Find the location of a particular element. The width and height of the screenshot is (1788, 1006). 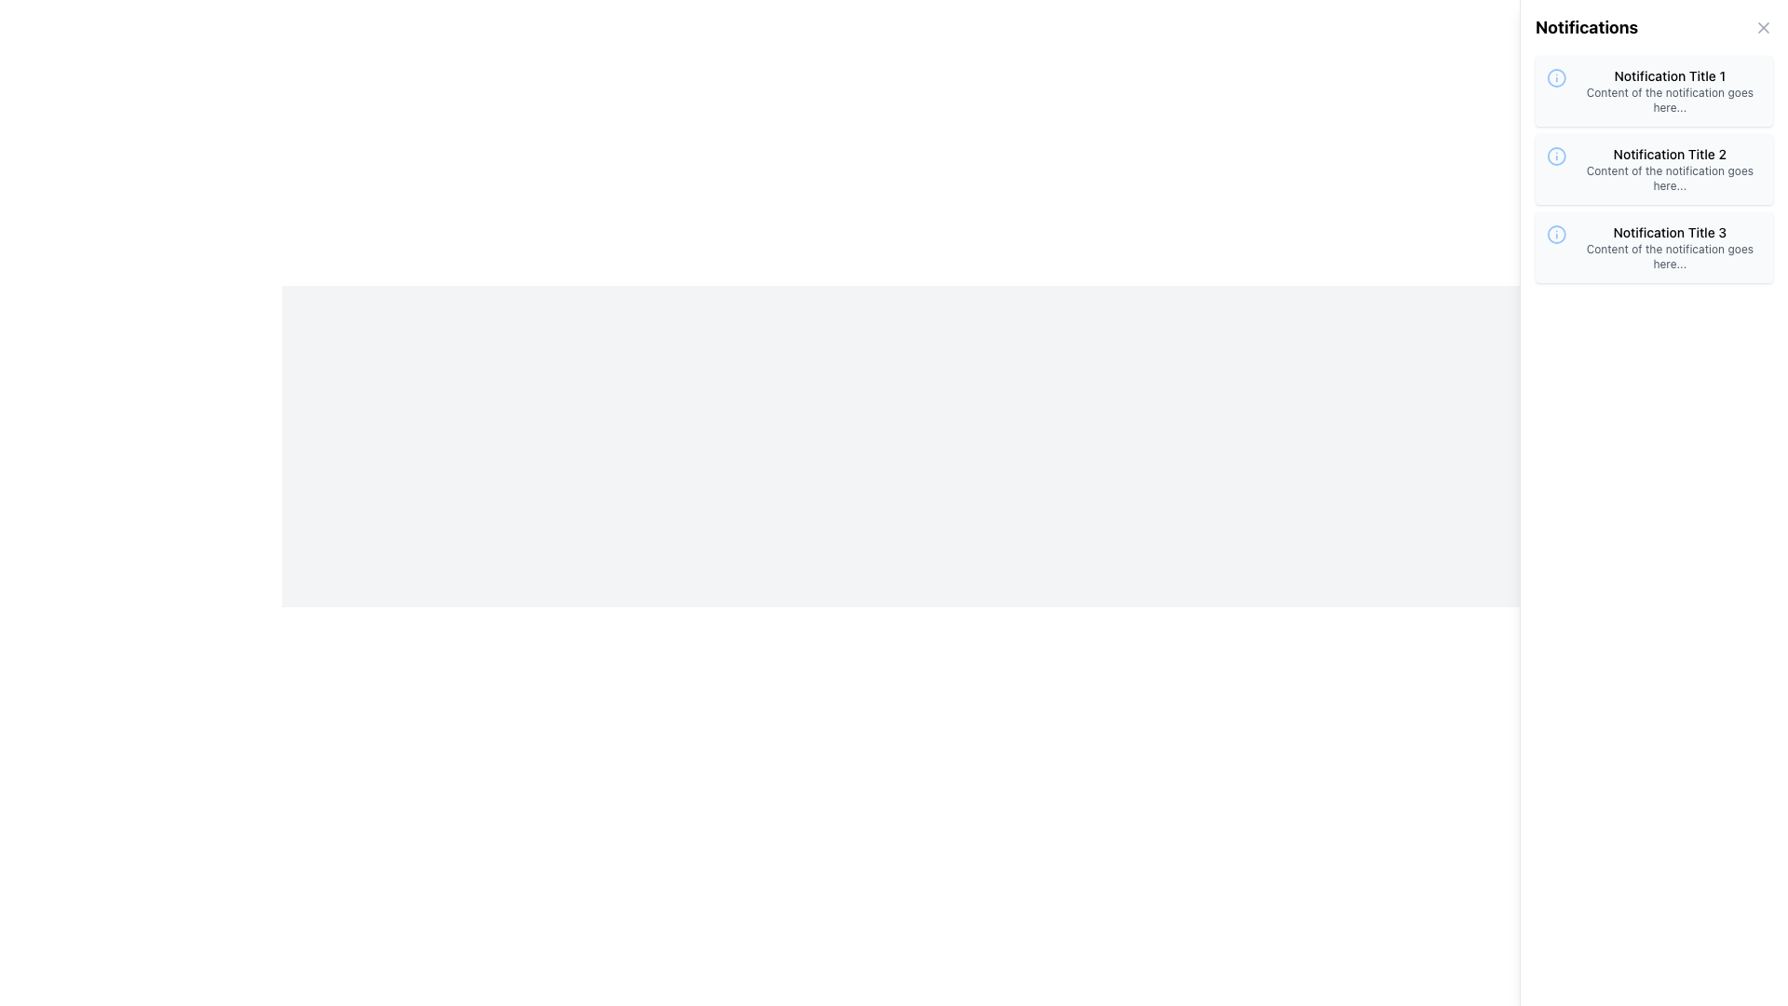

the circle graphic icon representing 'Notification Title 2' in the second row of the notification list is located at coordinates (1556, 156).